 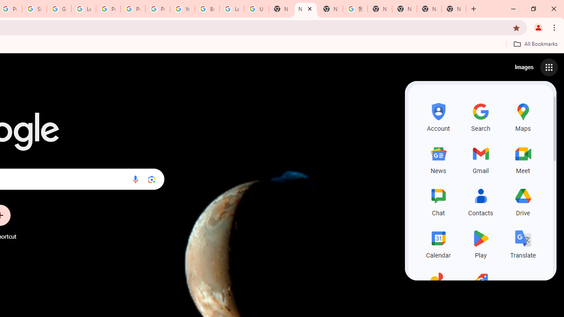 I want to click on 'Calendar, row 4 of 5 and column 1 of 3 in the first section', so click(x=438, y=243).